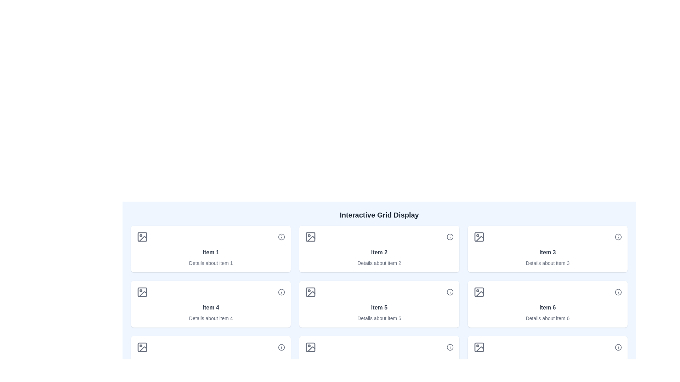 The image size is (680, 382). Describe the element at coordinates (449, 237) in the screenshot. I see `the Icon button in the top-right corner of the 'Item 2' card` at that location.